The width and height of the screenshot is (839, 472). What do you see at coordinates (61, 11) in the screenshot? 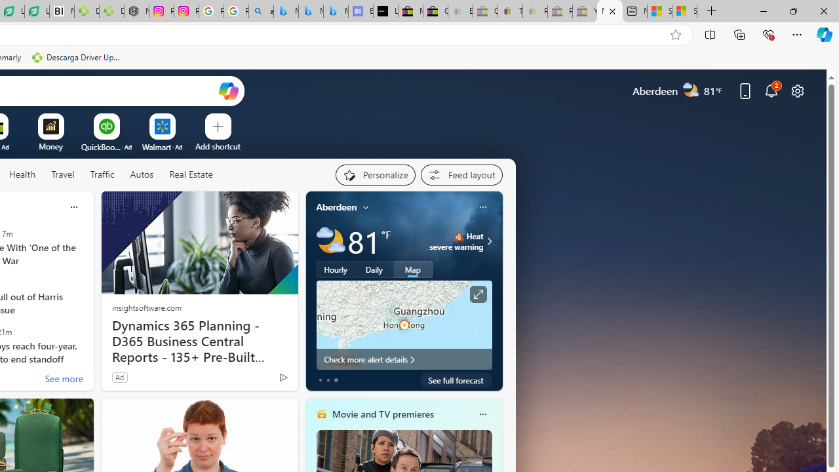
I see `'Nvidia va a poner a prueba la paciencia de los inversores'` at bounding box center [61, 11].